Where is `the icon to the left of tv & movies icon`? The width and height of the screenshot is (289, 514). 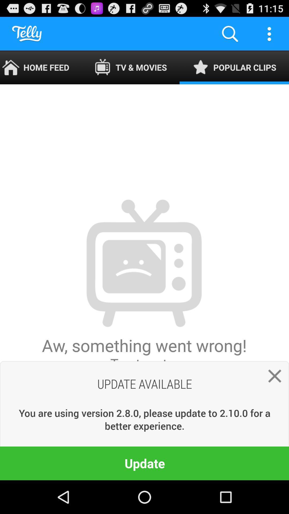 the icon to the left of tv & movies icon is located at coordinates (41, 67).